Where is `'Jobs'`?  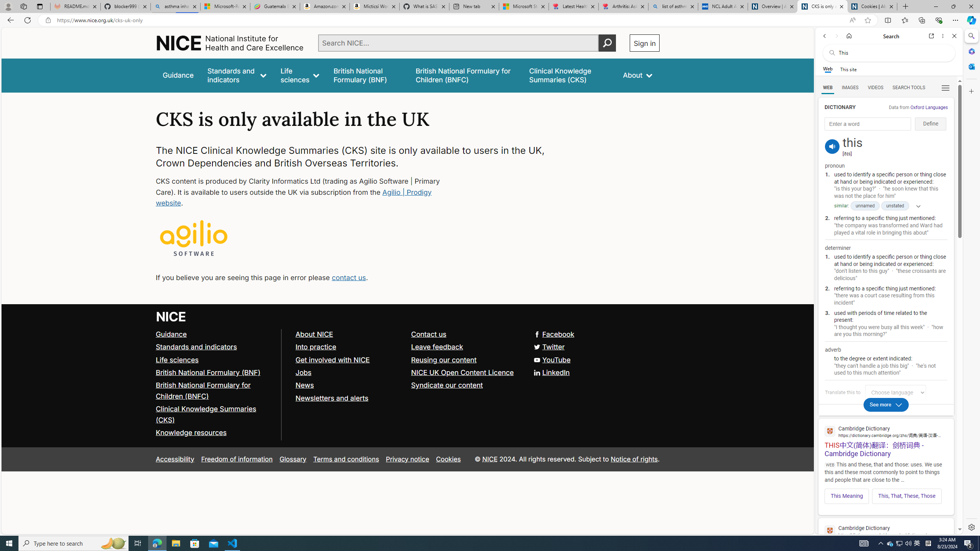
'Jobs' is located at coordinates (303, 372).